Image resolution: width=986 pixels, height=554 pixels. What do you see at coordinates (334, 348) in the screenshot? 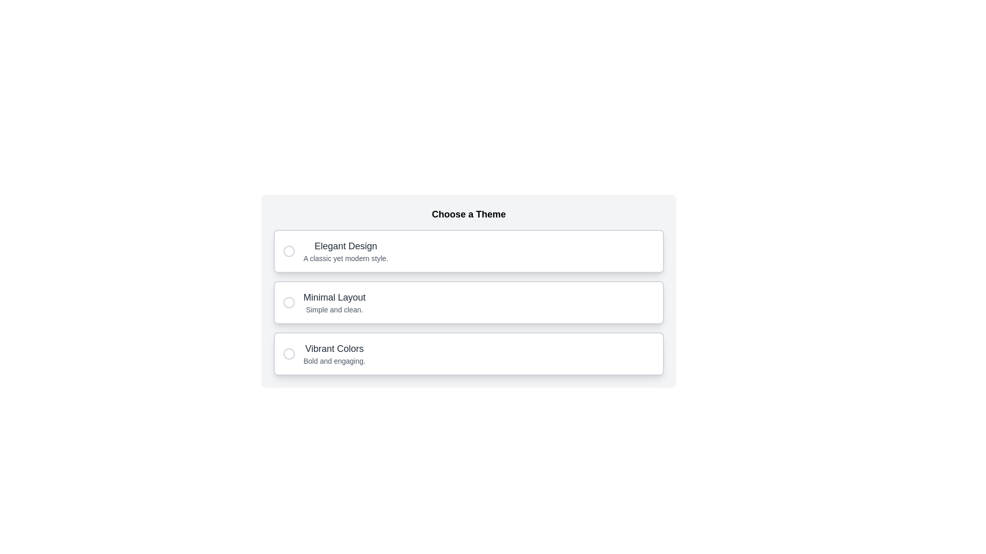
I see `text label displaying 'Vibrant Colors' which is positioned in the lower section of a vertical list, under 'Elegant Design' and 'Minimal Layout.'` at bounding box center [334, 348].